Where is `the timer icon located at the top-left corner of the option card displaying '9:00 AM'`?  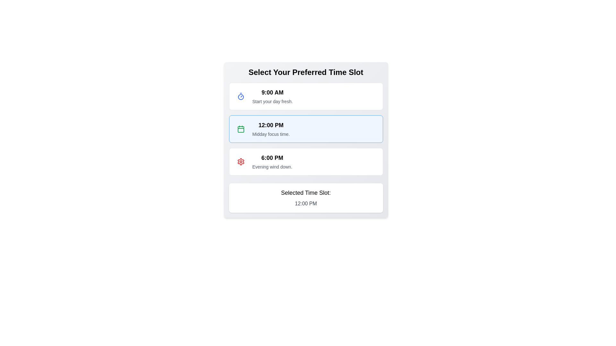 the timer icon located at the top-left corner of the option card displaying '9:00 AM' is located at coordinates (240, 96).